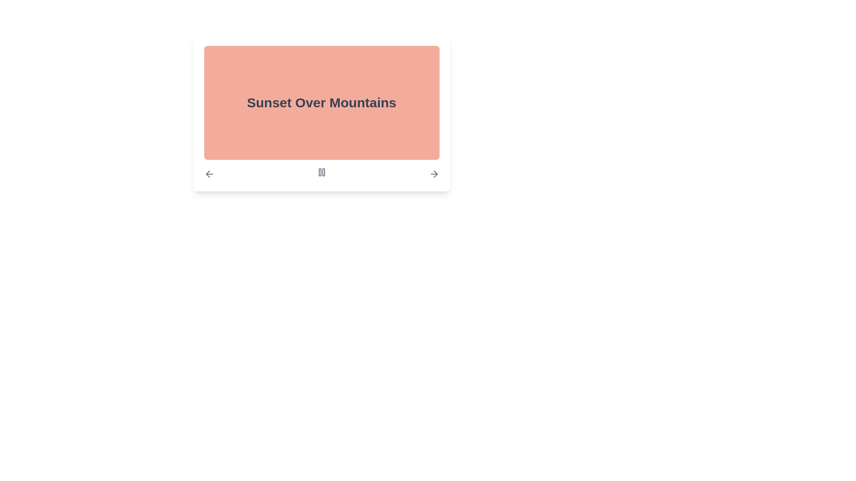 The width and height of the screenshot is (856, 481). Describe the element at coordinates (321, 172) in the screenshot. I see `the compact control button located centrally below the 'Sunset Over Mountains' section, which features a pause symbol icon and changes color upon hover` at that location.